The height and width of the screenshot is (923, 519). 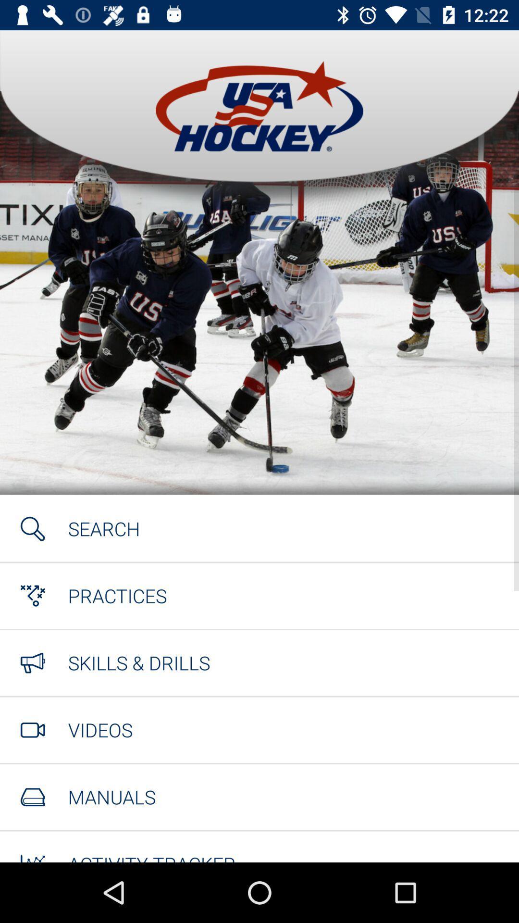 What do you see at coordinates (111, 797) in the screenshot?
I see `item below videos` at bounding box center [111, 797].